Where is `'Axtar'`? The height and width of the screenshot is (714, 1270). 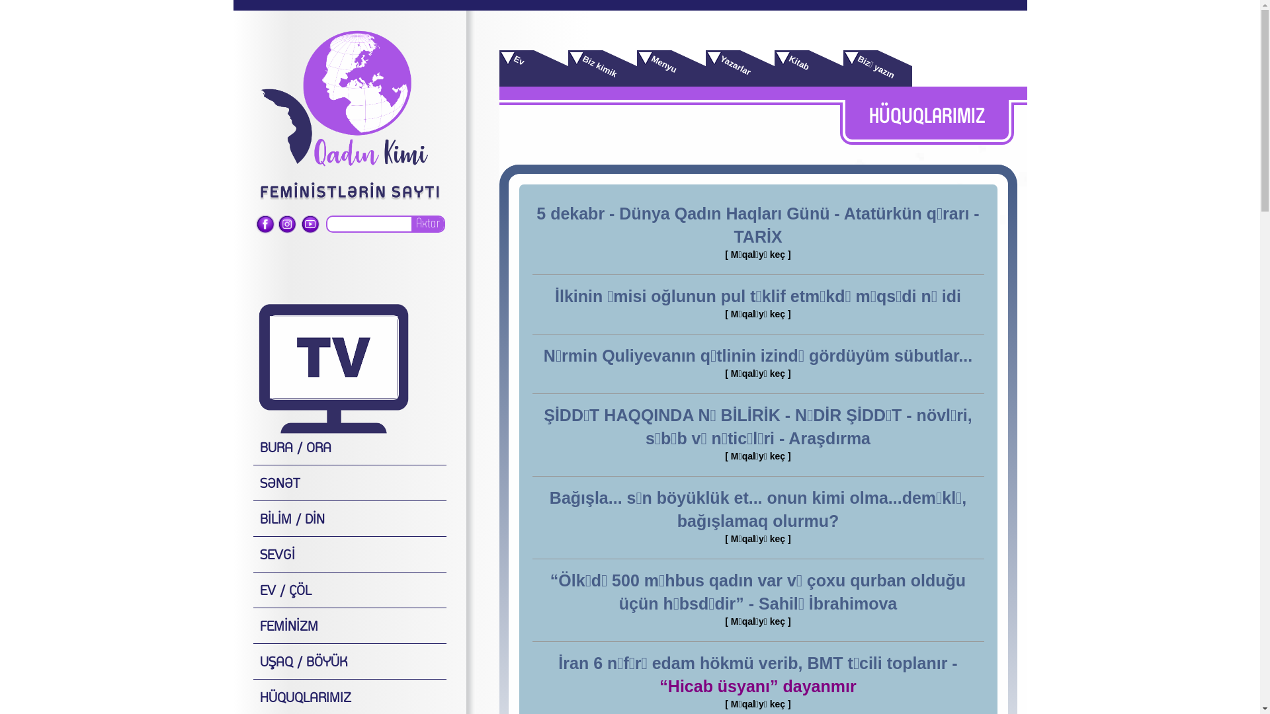
'Axtar' is located at coordinates (411, 223).